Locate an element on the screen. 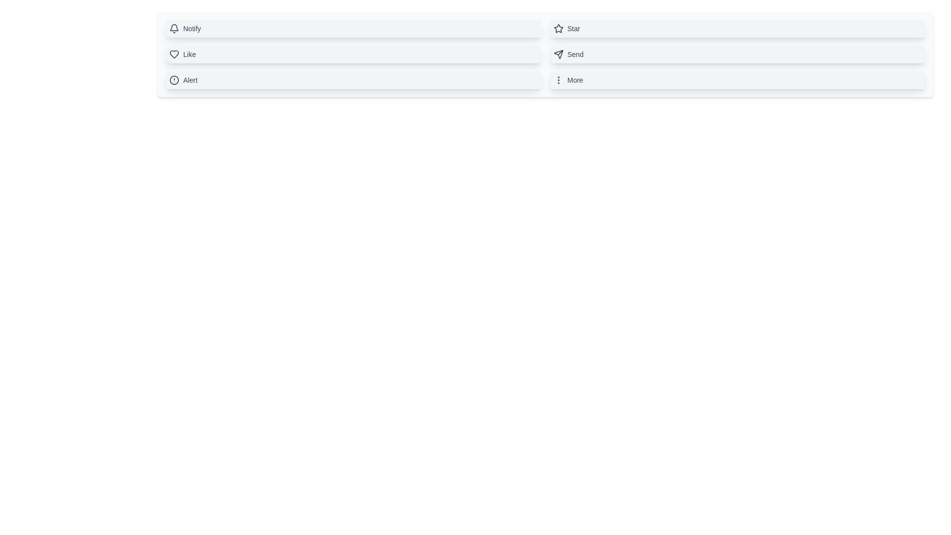  the 'Like' text label, which is styled in gray and positioned to the right of a heart icon within the 'Like' button is located at coordinates (189, 54).